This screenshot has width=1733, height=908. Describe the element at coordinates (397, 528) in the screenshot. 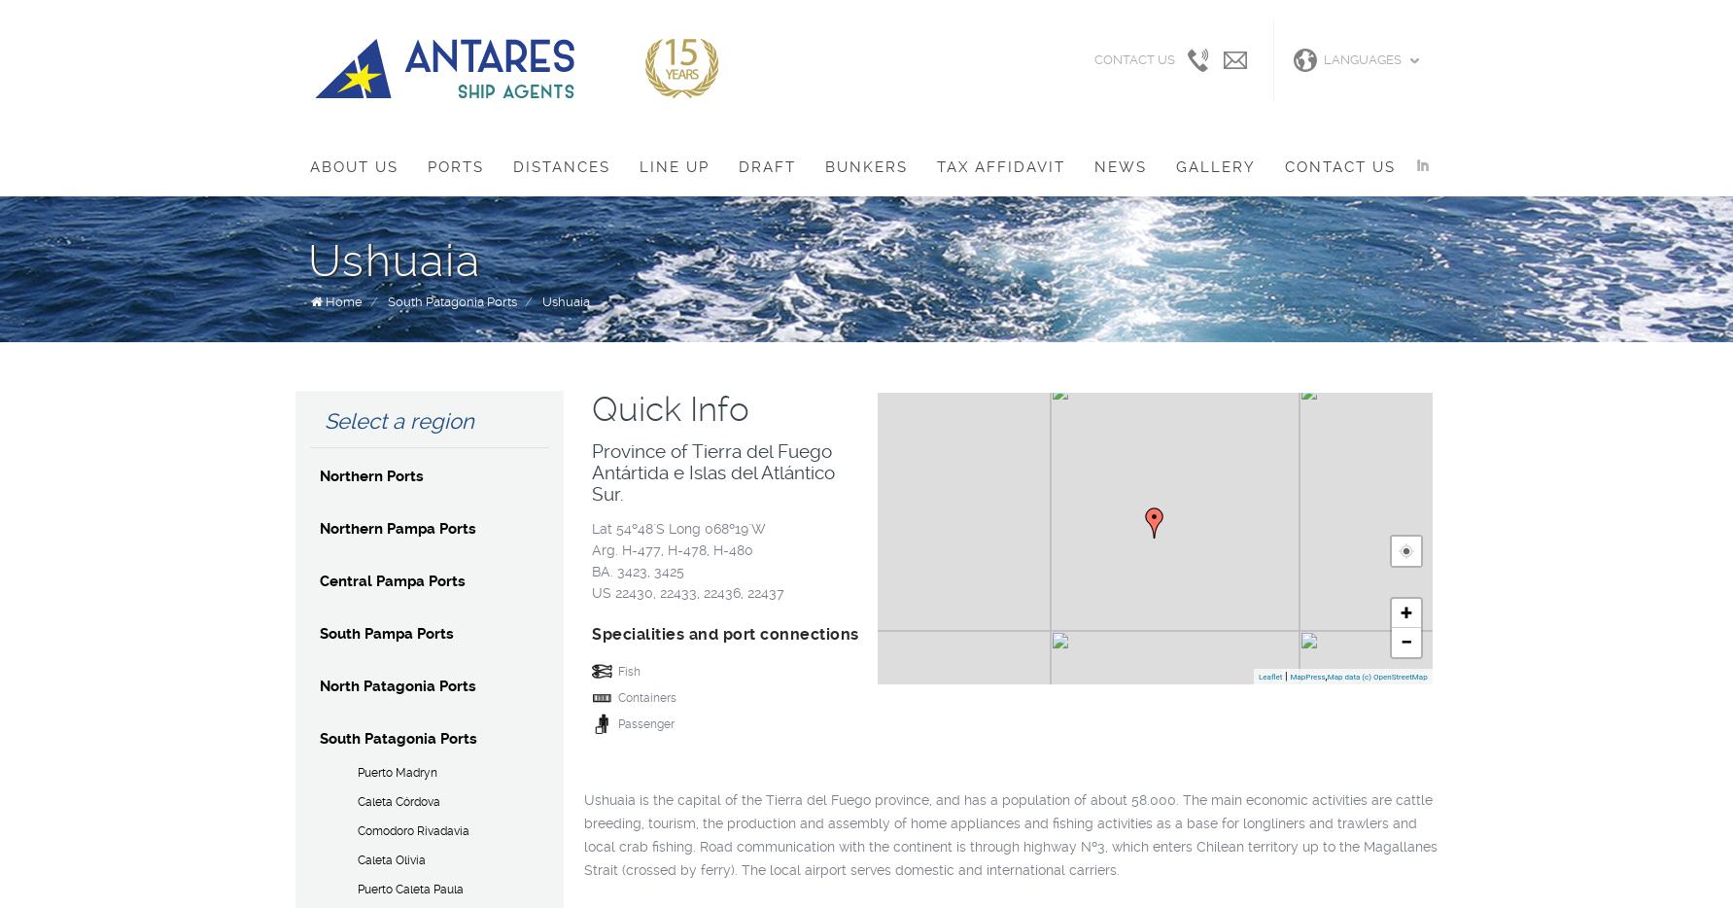

I see `'Northern Pampa Ports'` at that location.